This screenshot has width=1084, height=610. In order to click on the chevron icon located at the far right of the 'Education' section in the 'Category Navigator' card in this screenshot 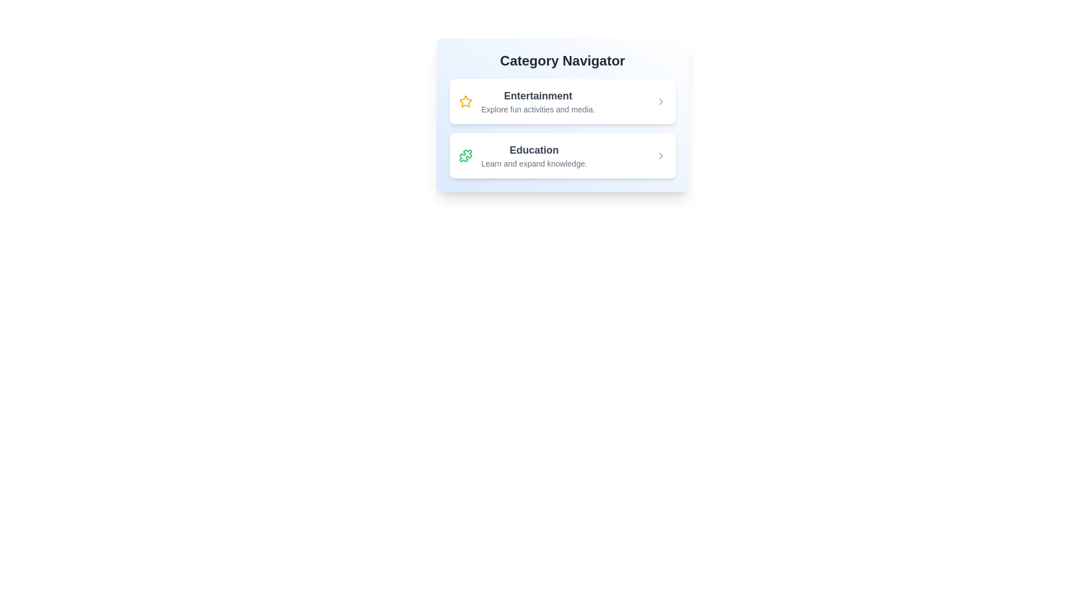, I will do `click(661, 156)`.